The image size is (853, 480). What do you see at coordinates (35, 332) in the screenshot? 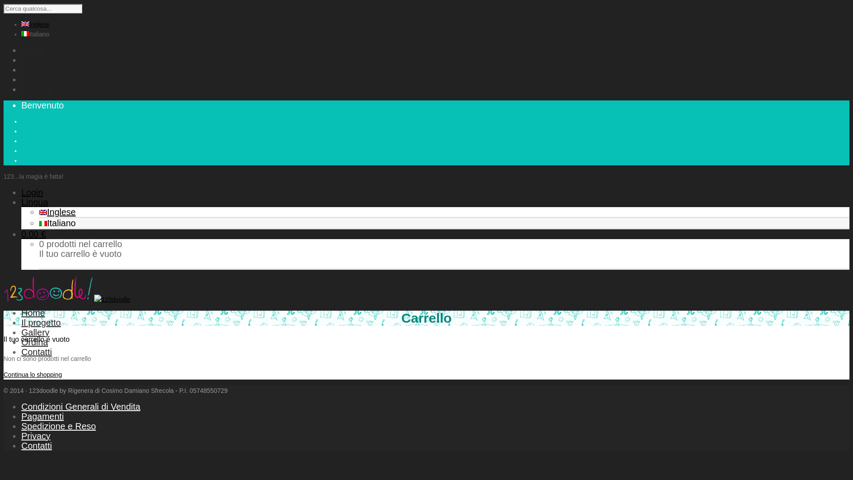
I see `'Gallery'` at bounding box center [35, 332].